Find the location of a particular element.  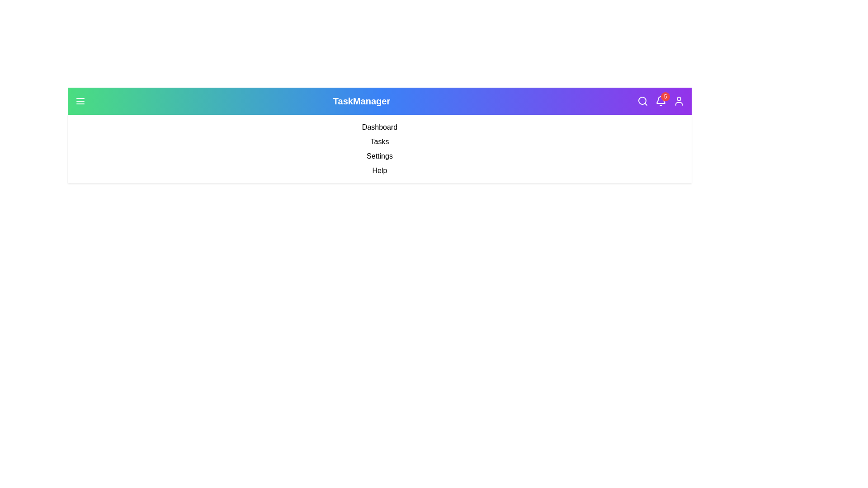

the user profile icon located at the far right of the navigation bar, which is the fourth interactive element is located at coordinates (679, 101).